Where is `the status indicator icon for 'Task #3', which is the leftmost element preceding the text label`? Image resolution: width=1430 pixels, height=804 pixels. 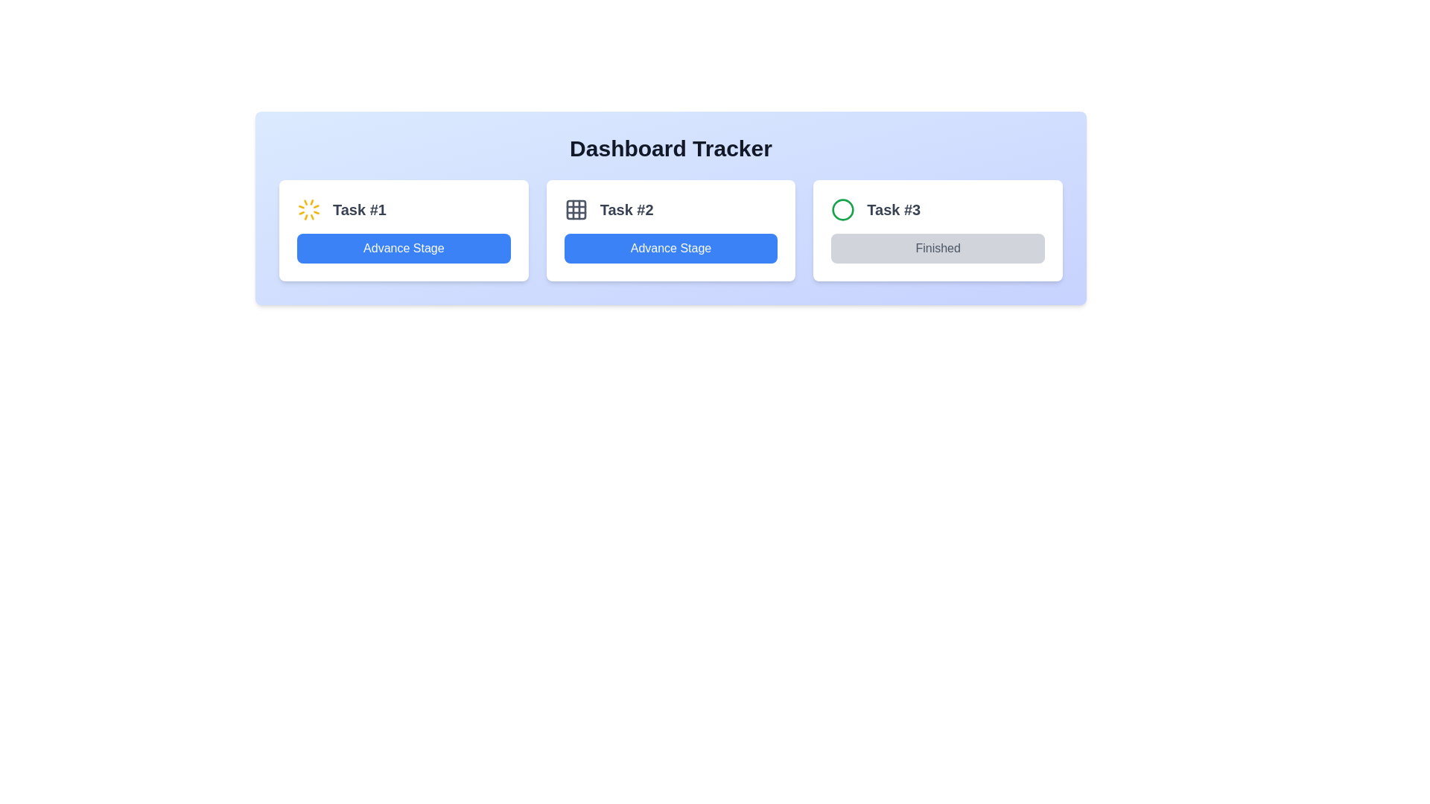
the status indicator icon for 'Task #3', which is the leftmost element preceding the text label is located at coordinates (843, 209).